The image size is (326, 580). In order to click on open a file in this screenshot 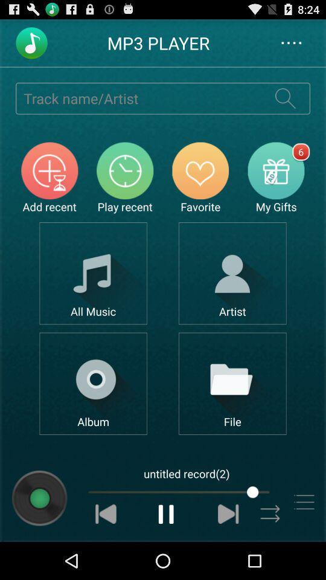, I will do `click(232, 383)`.